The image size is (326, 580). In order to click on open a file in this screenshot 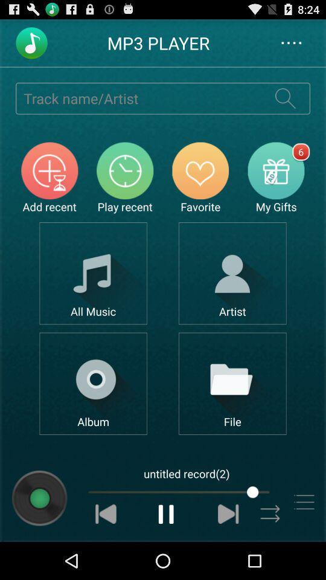, I will do `click(232, 383)`.